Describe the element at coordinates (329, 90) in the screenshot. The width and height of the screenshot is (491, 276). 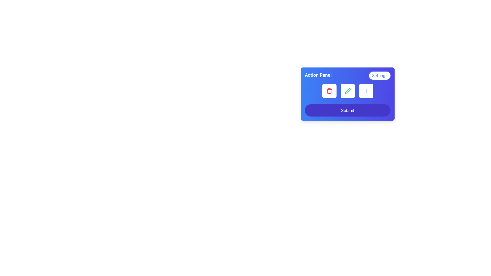
I see `the red trash icon, which is the first icon in a horizontally aligned group of three icons` at that location.